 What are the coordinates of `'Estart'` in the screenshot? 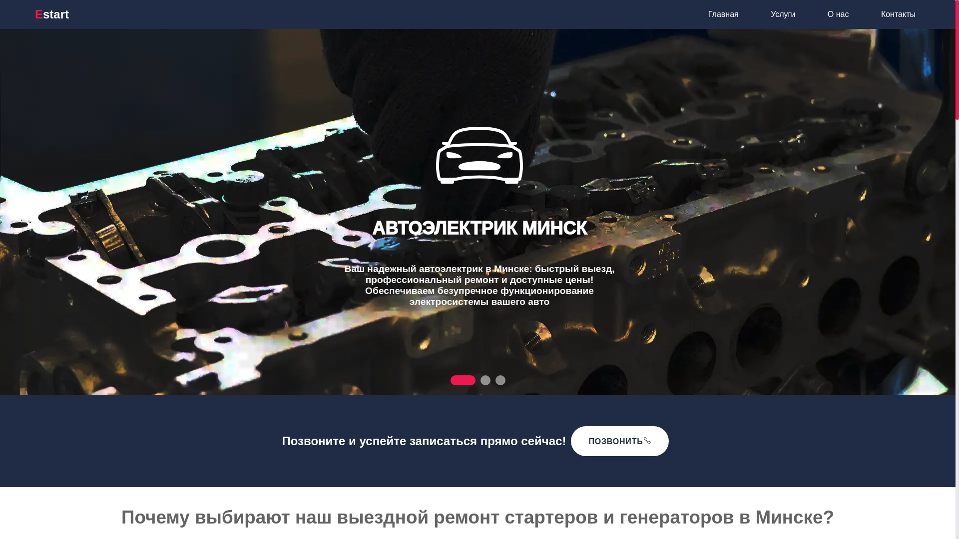 It's located at (35, 14).